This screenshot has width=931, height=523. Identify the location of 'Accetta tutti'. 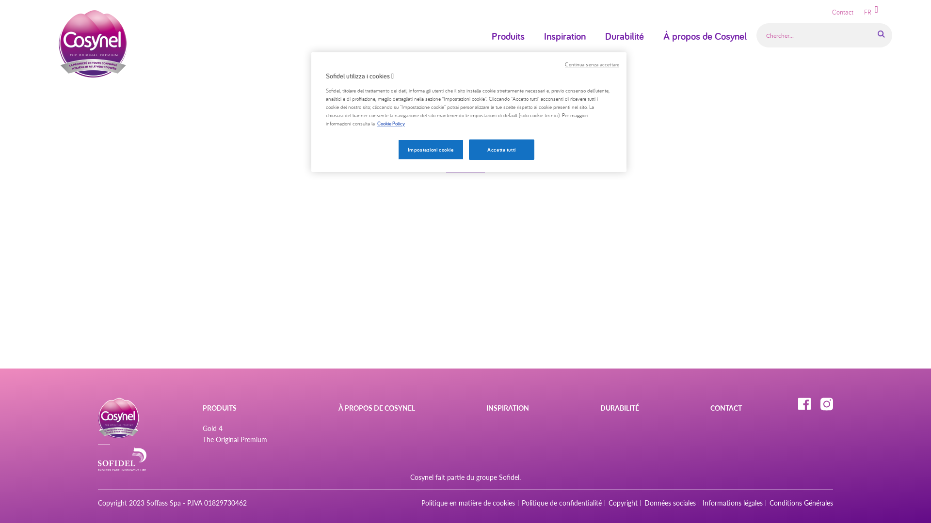
(468, 149).